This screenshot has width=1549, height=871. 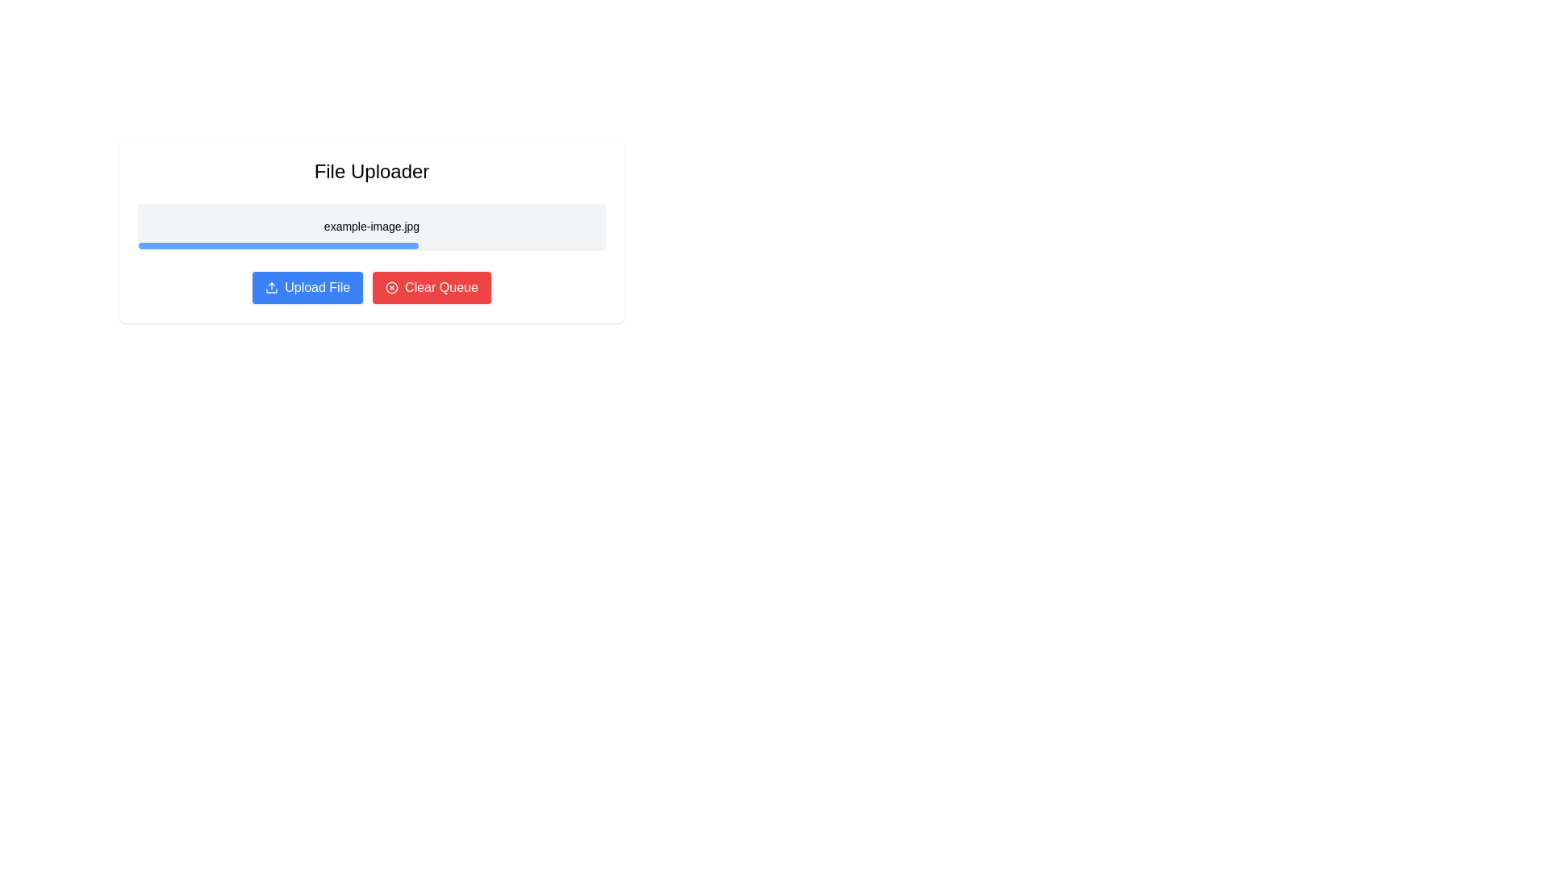 I want to click on the descriptive text label within the button that removes items from the queue, located to the right of the 'Upload File' button in the file uploader interface, so click(x=441, y=287).